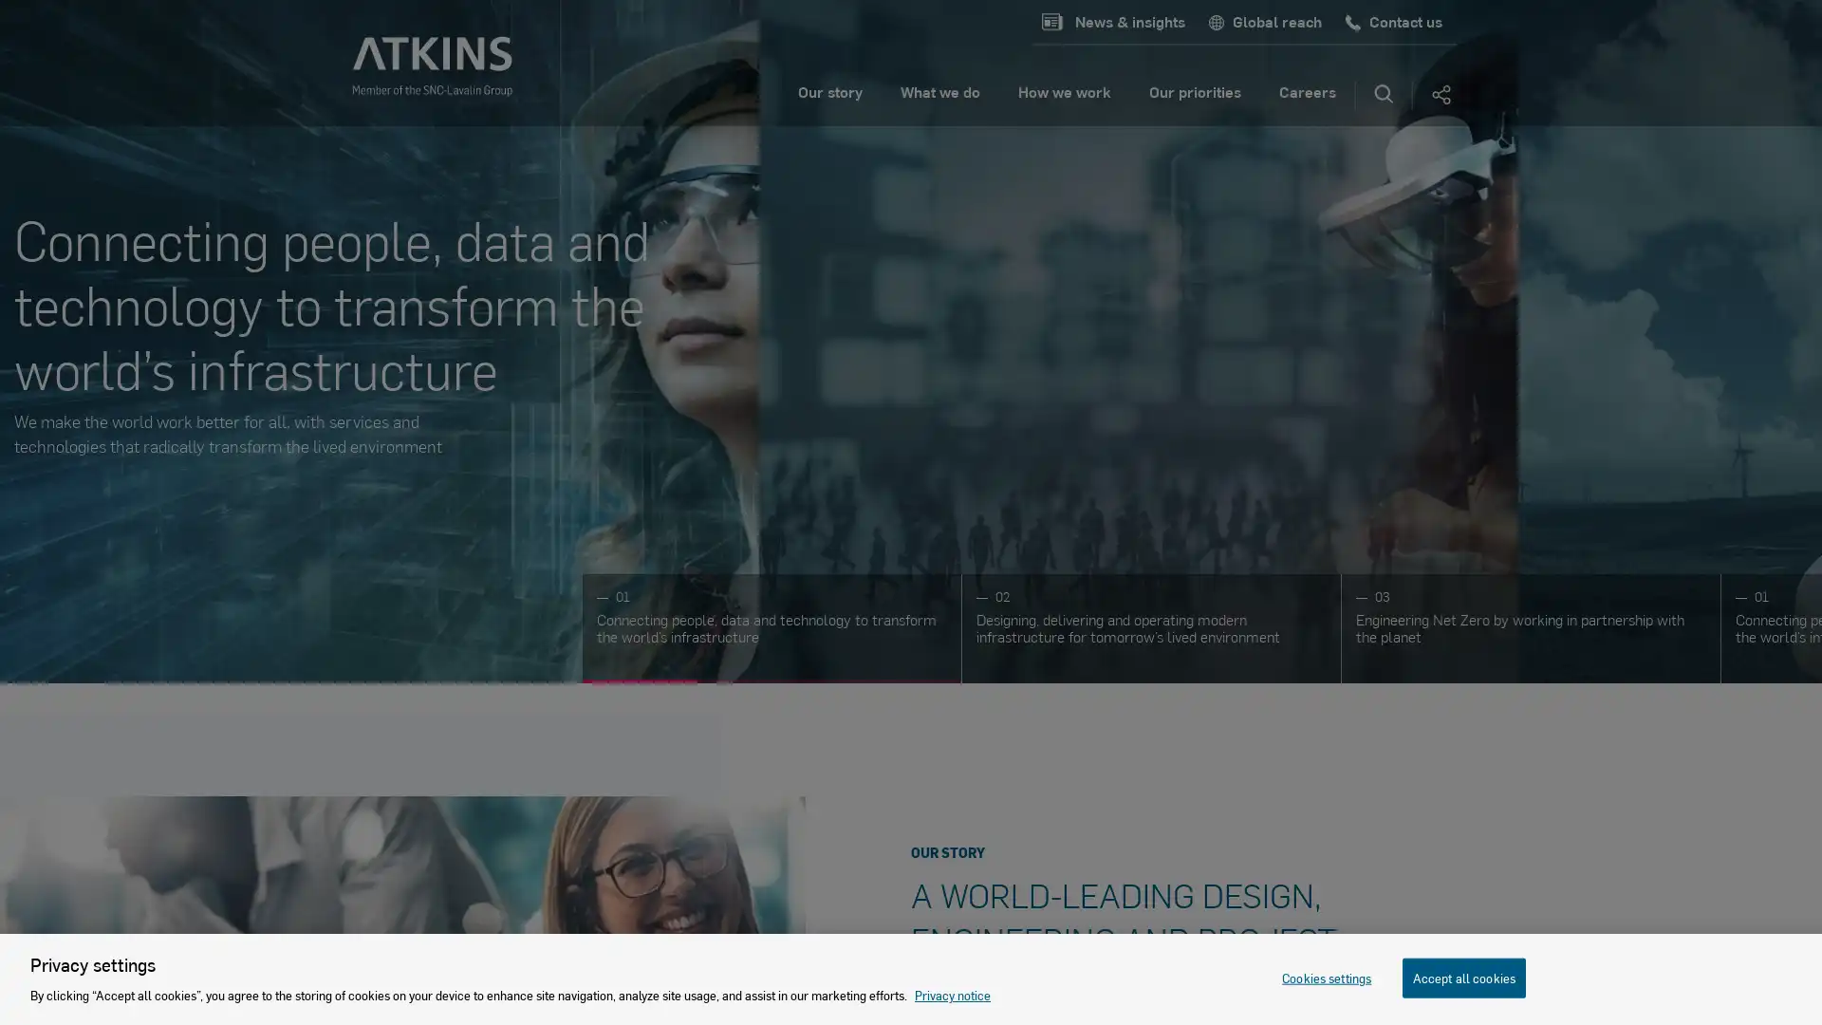 The width and height of the screenshot is (1822, 1025). I want to click on Accept all cookies, so click(1462, 977).